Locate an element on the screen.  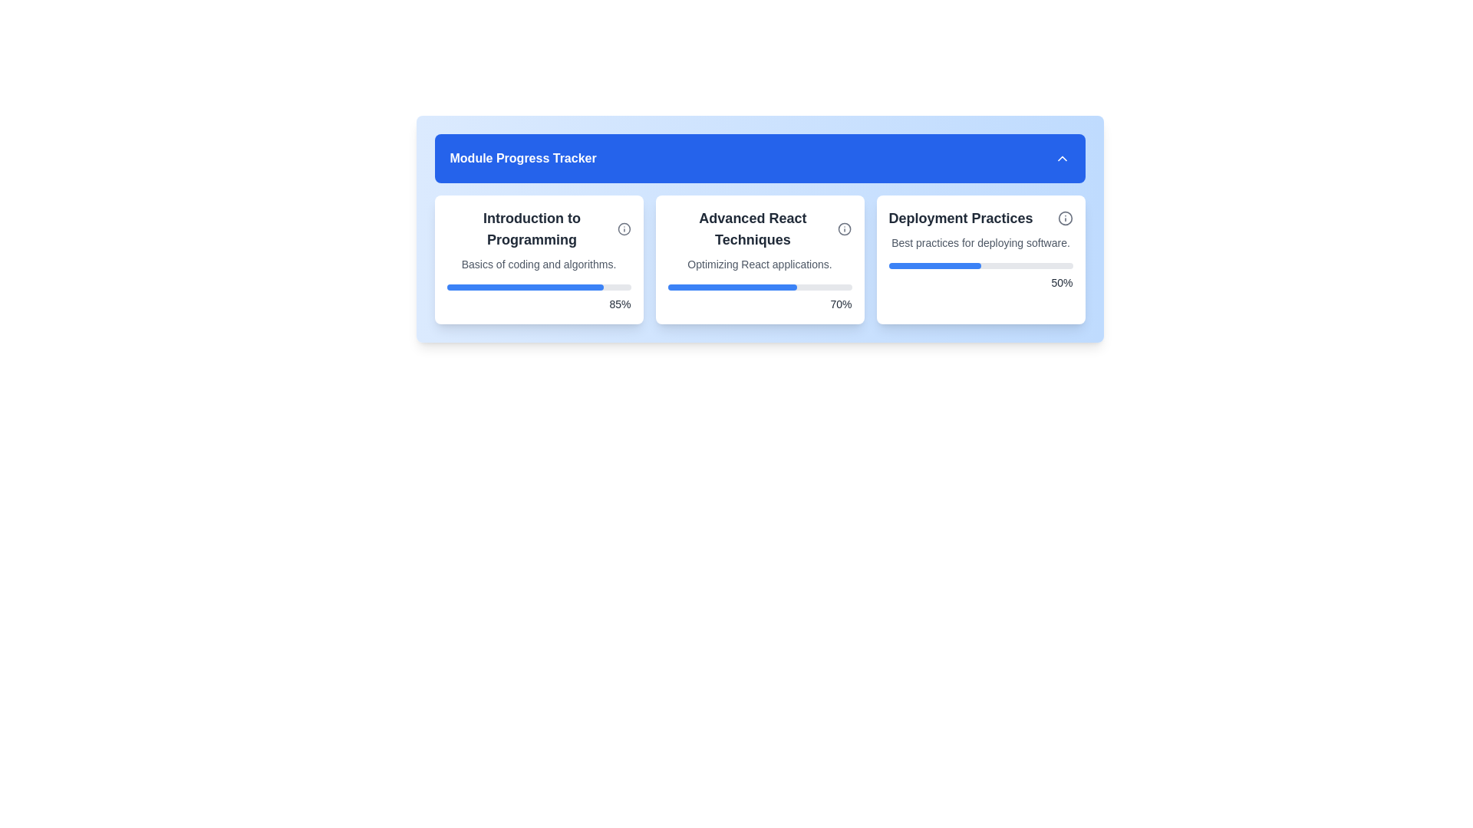
the informational icon located to the right of the 'Deployment Practices' headline is located at coordinates (1064, 219).